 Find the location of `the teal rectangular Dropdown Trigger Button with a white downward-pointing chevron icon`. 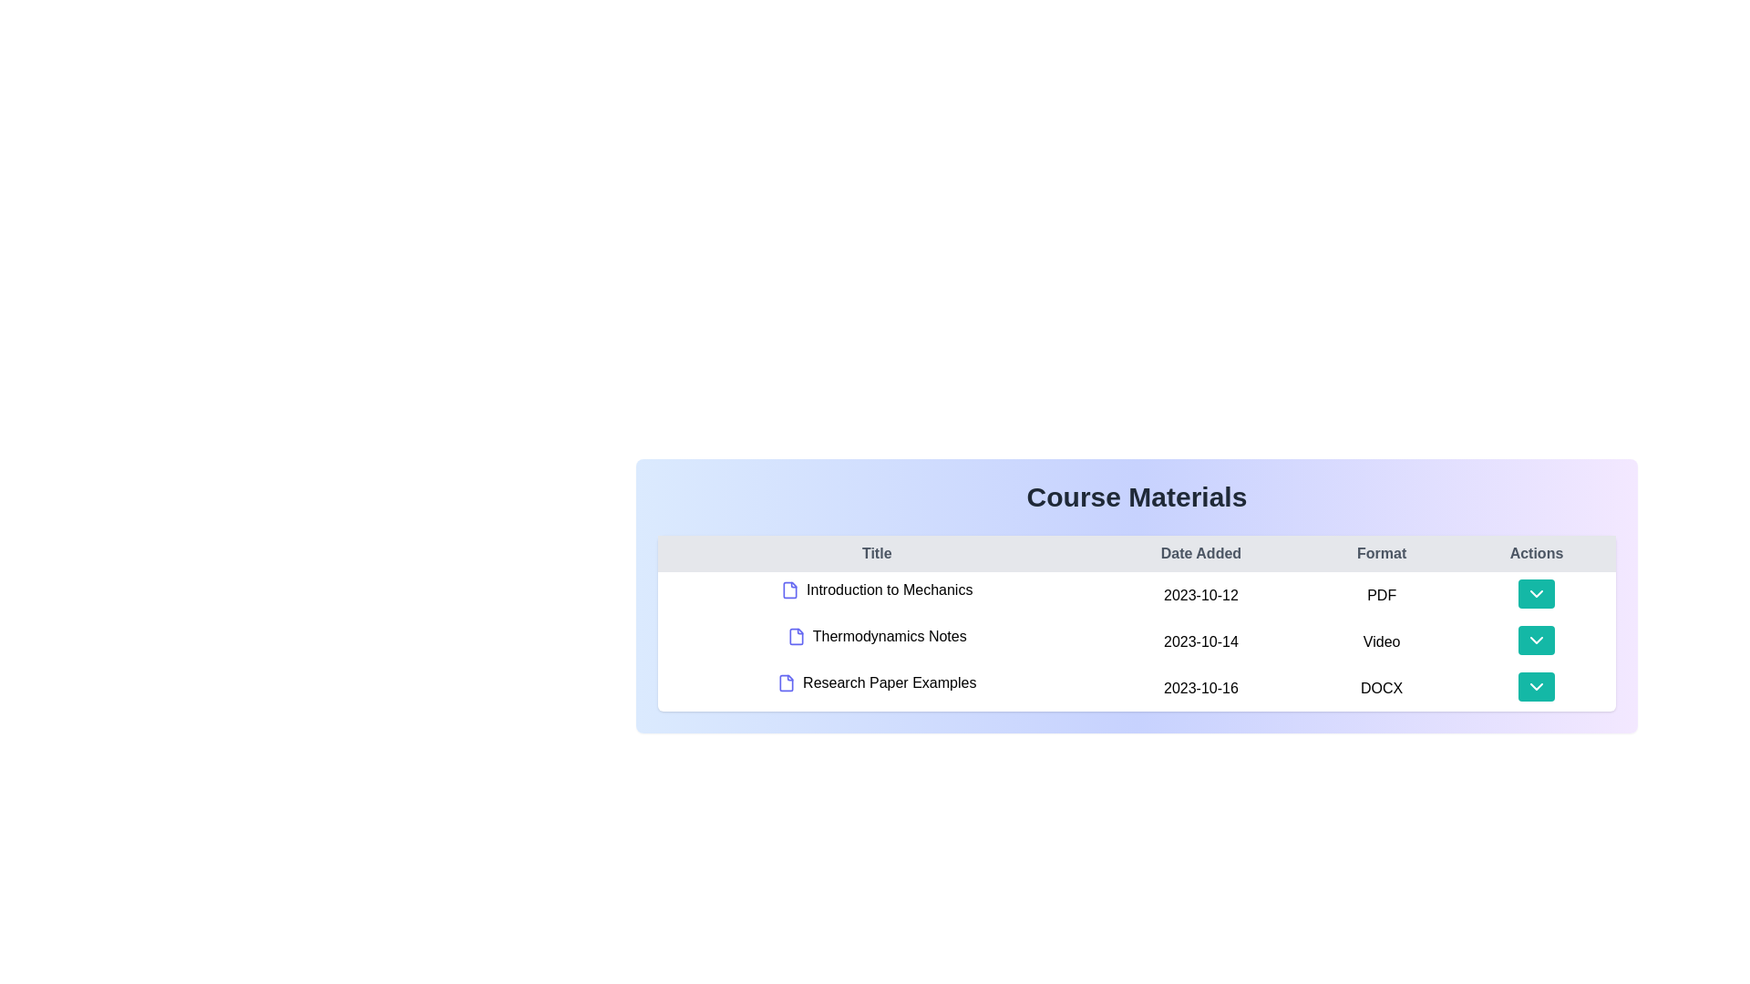

the teal rectangular Dropdown Trigger Button with a white downward-pointing chevron icon is located at coordinates (1535, 595).